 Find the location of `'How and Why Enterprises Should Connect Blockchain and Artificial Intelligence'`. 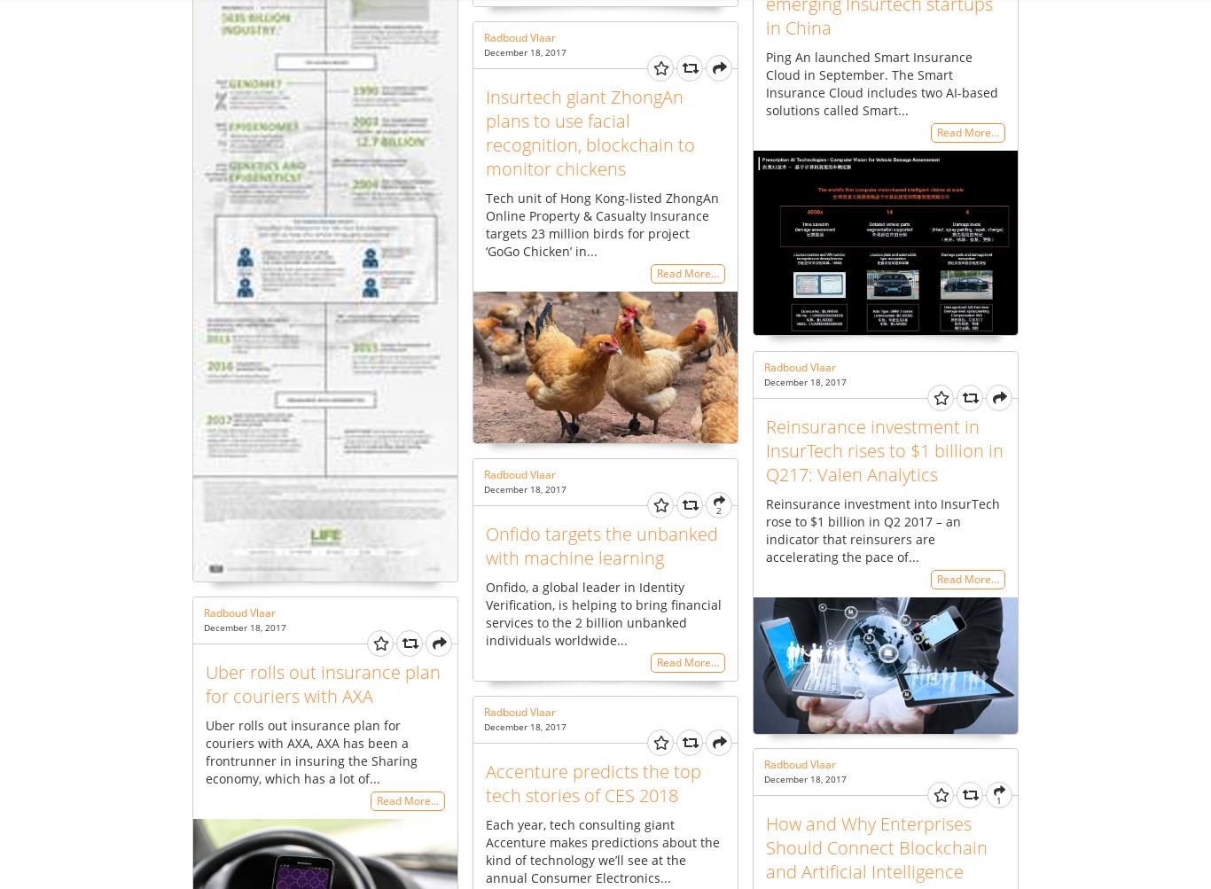

'How and Why Enterprises Should Connect Blockchain and Artificial Intelligence' is located at coordinates (876, 846).